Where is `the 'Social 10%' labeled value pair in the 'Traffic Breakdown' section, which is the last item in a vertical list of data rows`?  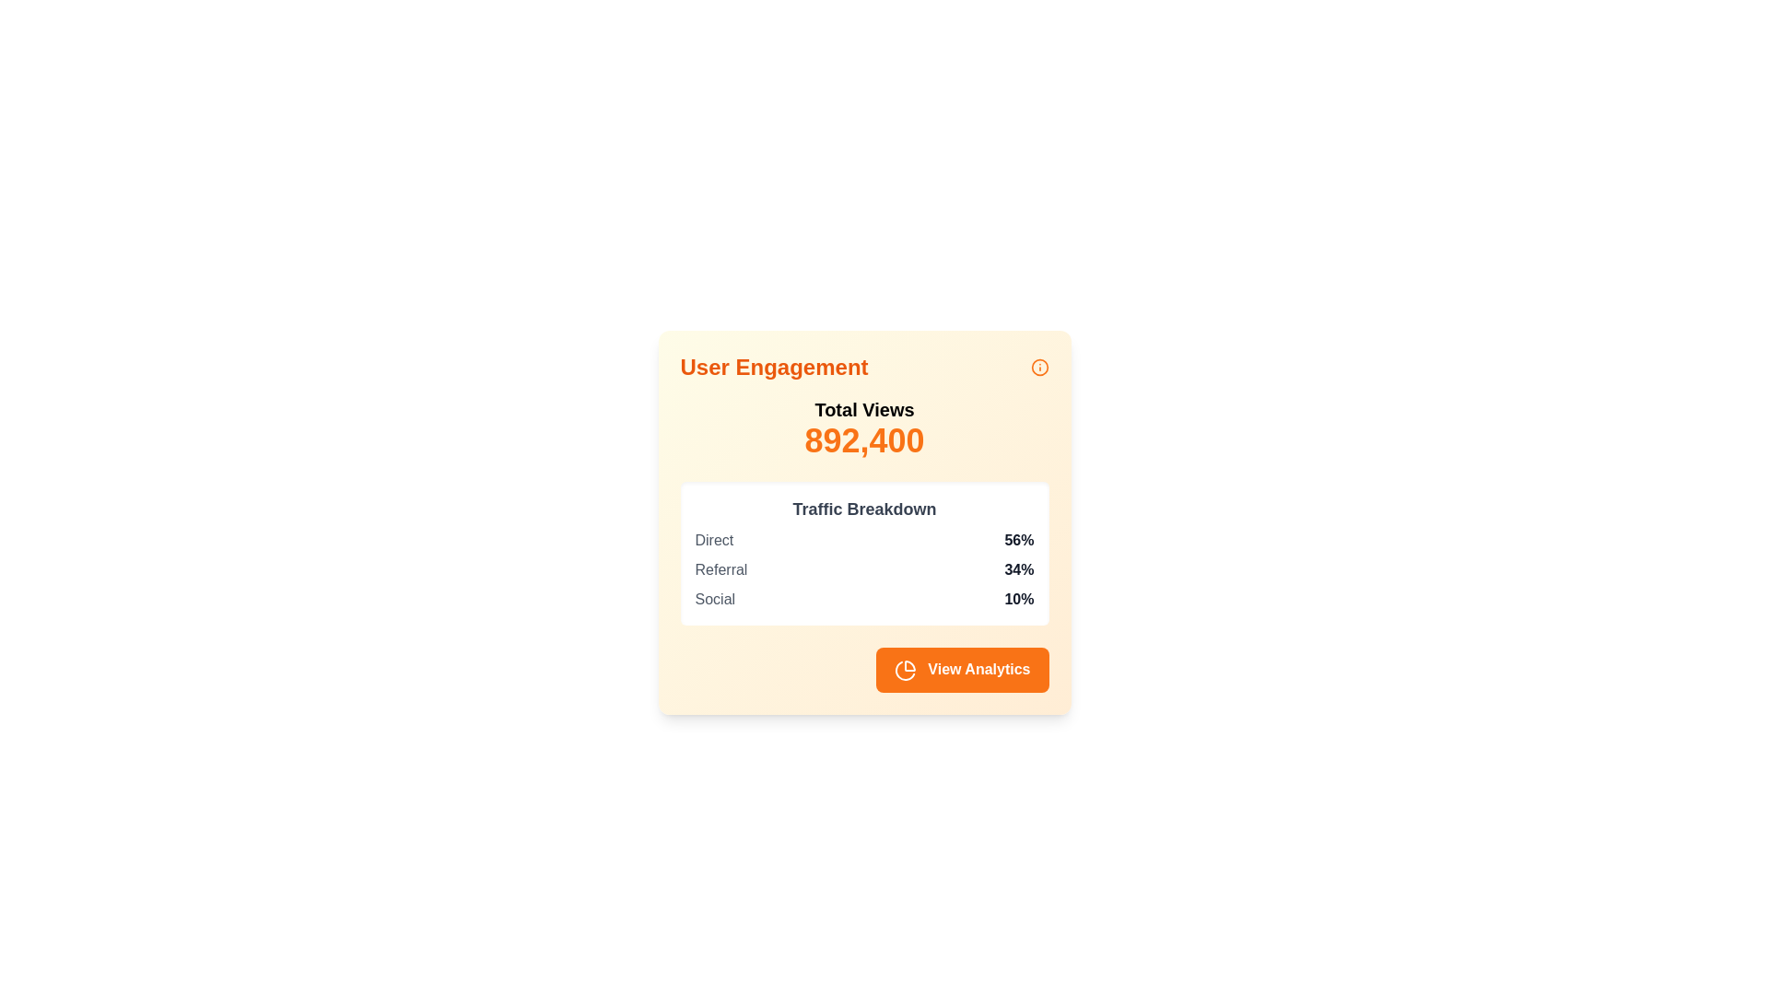 the 'Social 10%' labeled value pair in the 'Traffic Breakdown' section, which is the last item in a vertical list of data rows is located at coordinates (863, 600).